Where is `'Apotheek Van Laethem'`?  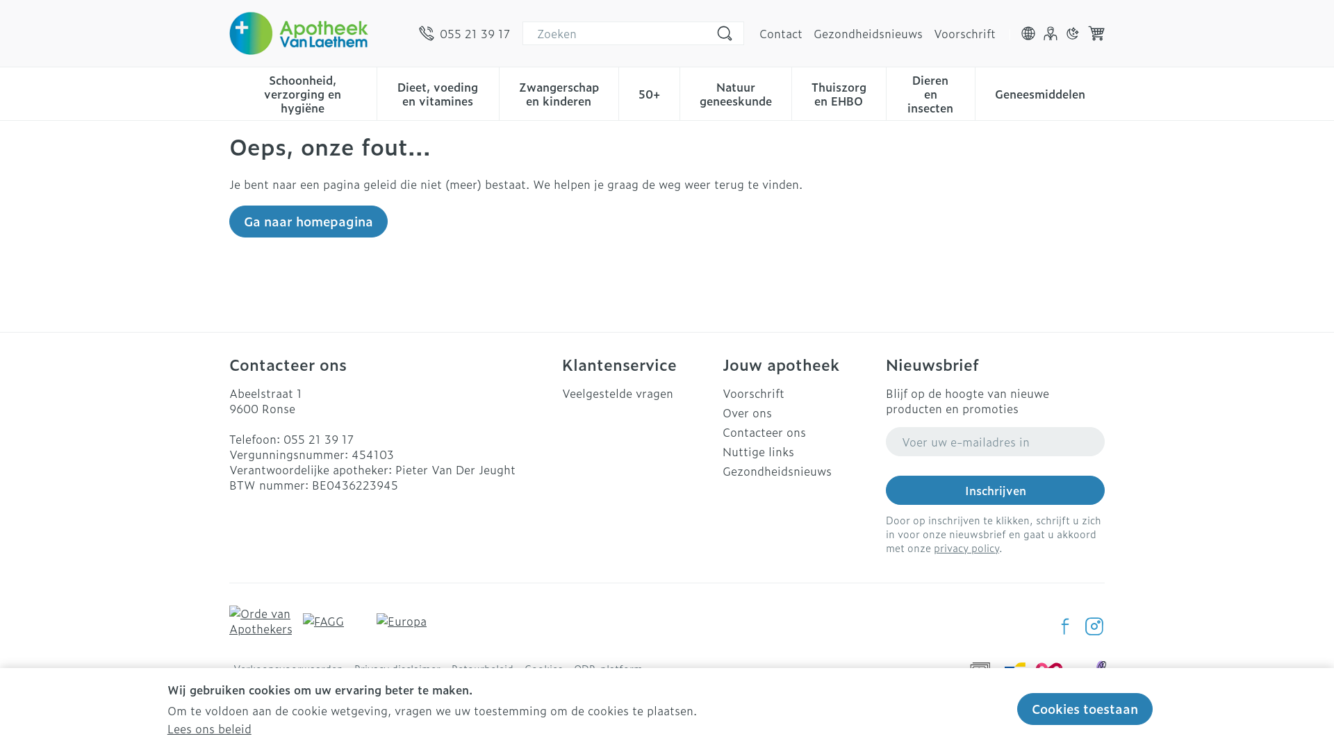 'Apotheek Van Laethem' is located at coordinates (298, 32).